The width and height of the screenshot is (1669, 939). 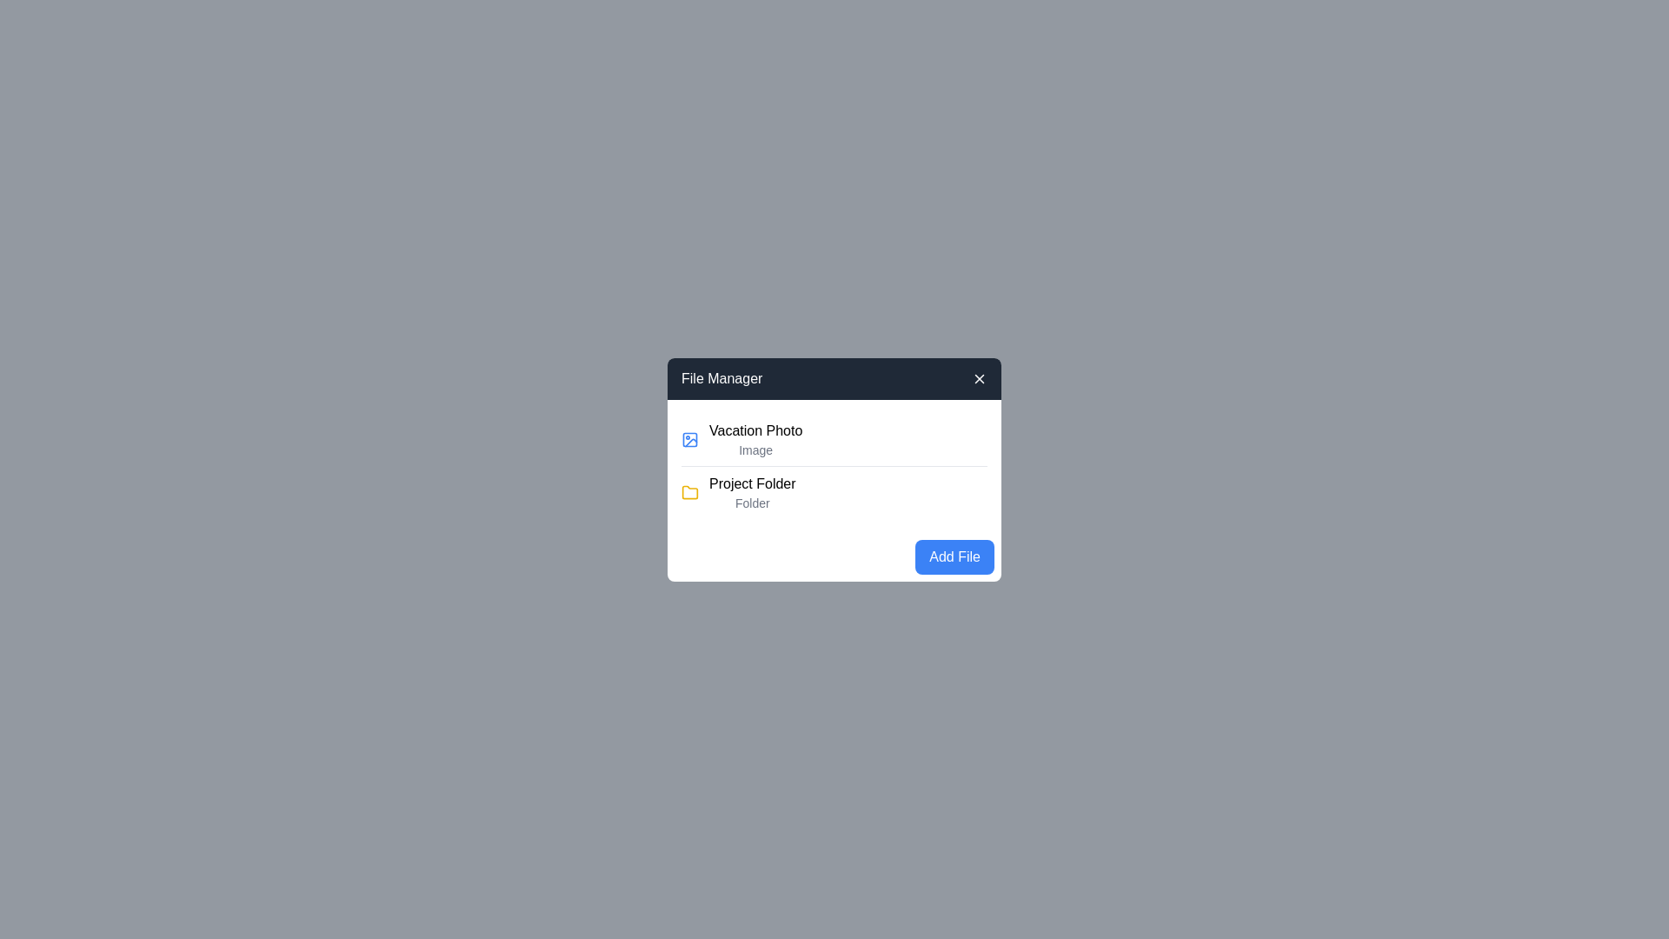 I want to click on the close button to dismiss the dialog, so click(x=980, y=377).